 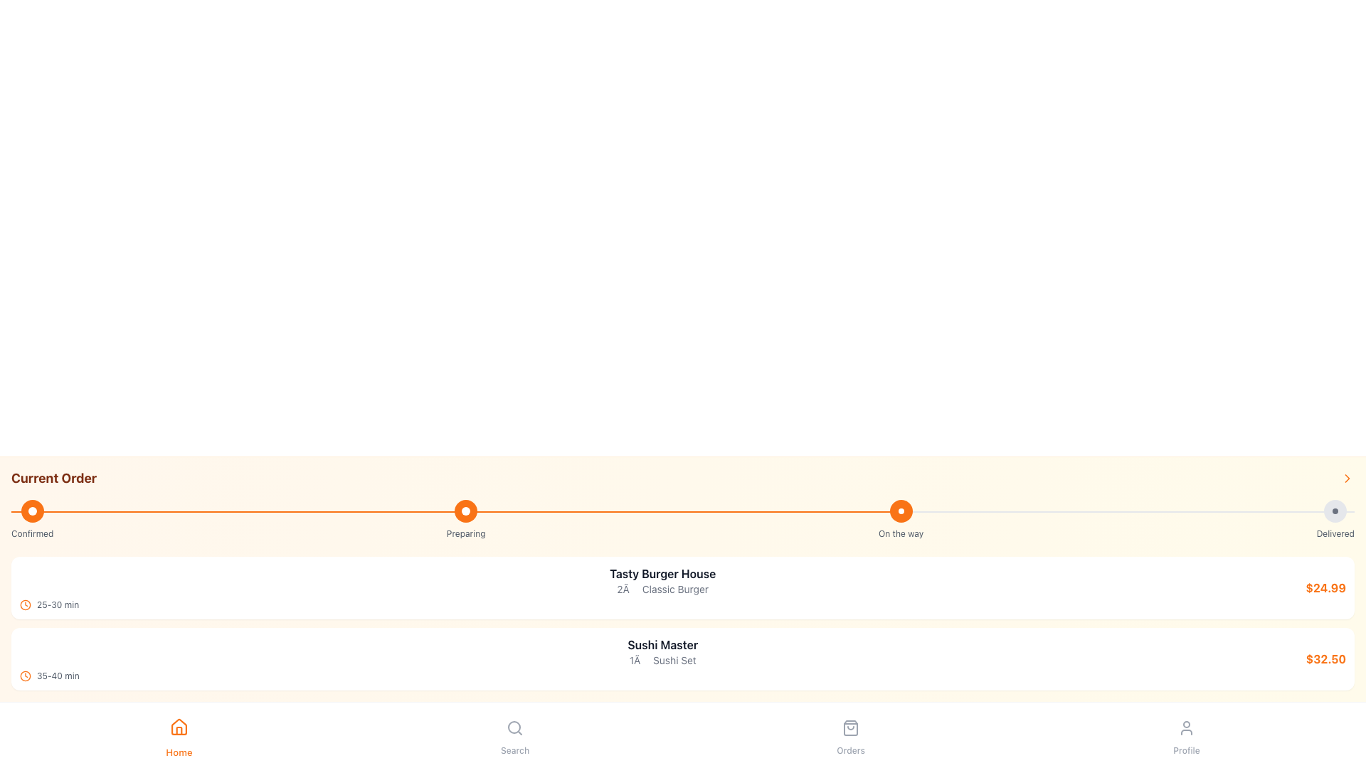 What do you see at coordinates (900, 510) in the screenshot?
I see `properties of the visual indicator representing the 'On the way' status in the progress bar, which is the second element from the left above the text 'On the way'` at bounding box center [900, 510].